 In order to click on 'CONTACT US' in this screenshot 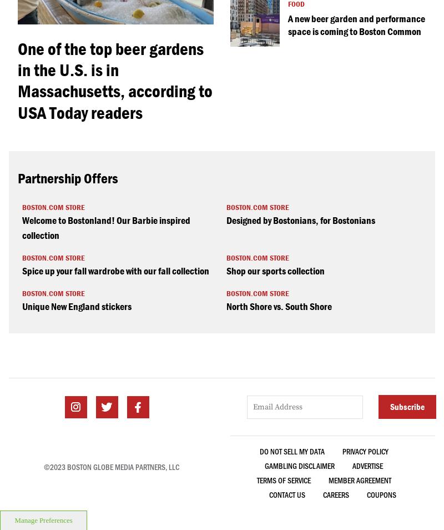, I will do `click(286, 494)`.